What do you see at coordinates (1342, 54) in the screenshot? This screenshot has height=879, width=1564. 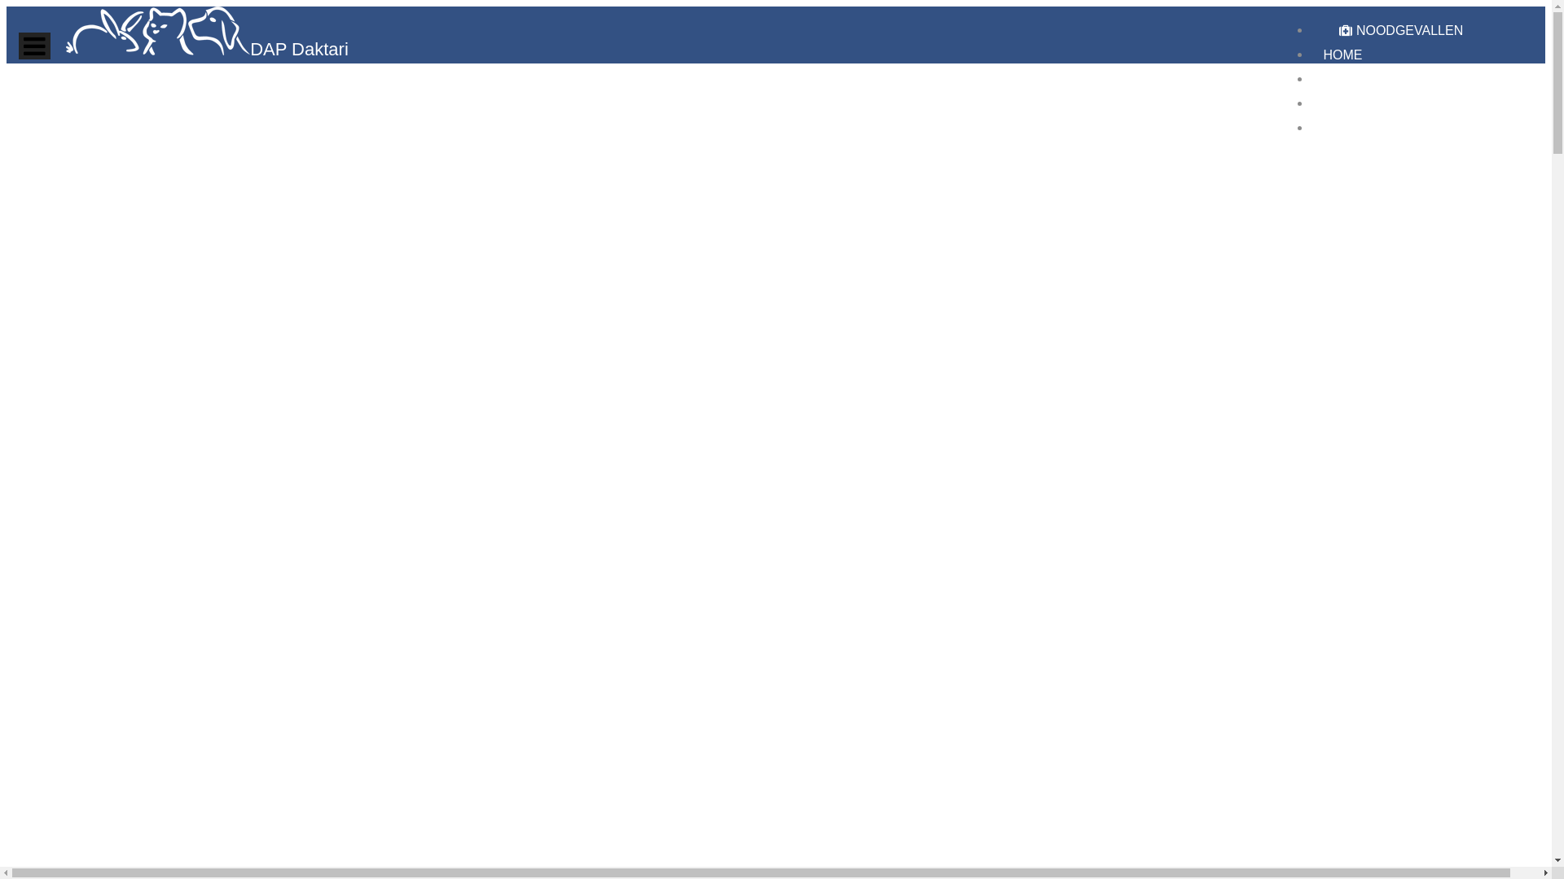 I see `'HOME'` at bounding box center [1342, 54].